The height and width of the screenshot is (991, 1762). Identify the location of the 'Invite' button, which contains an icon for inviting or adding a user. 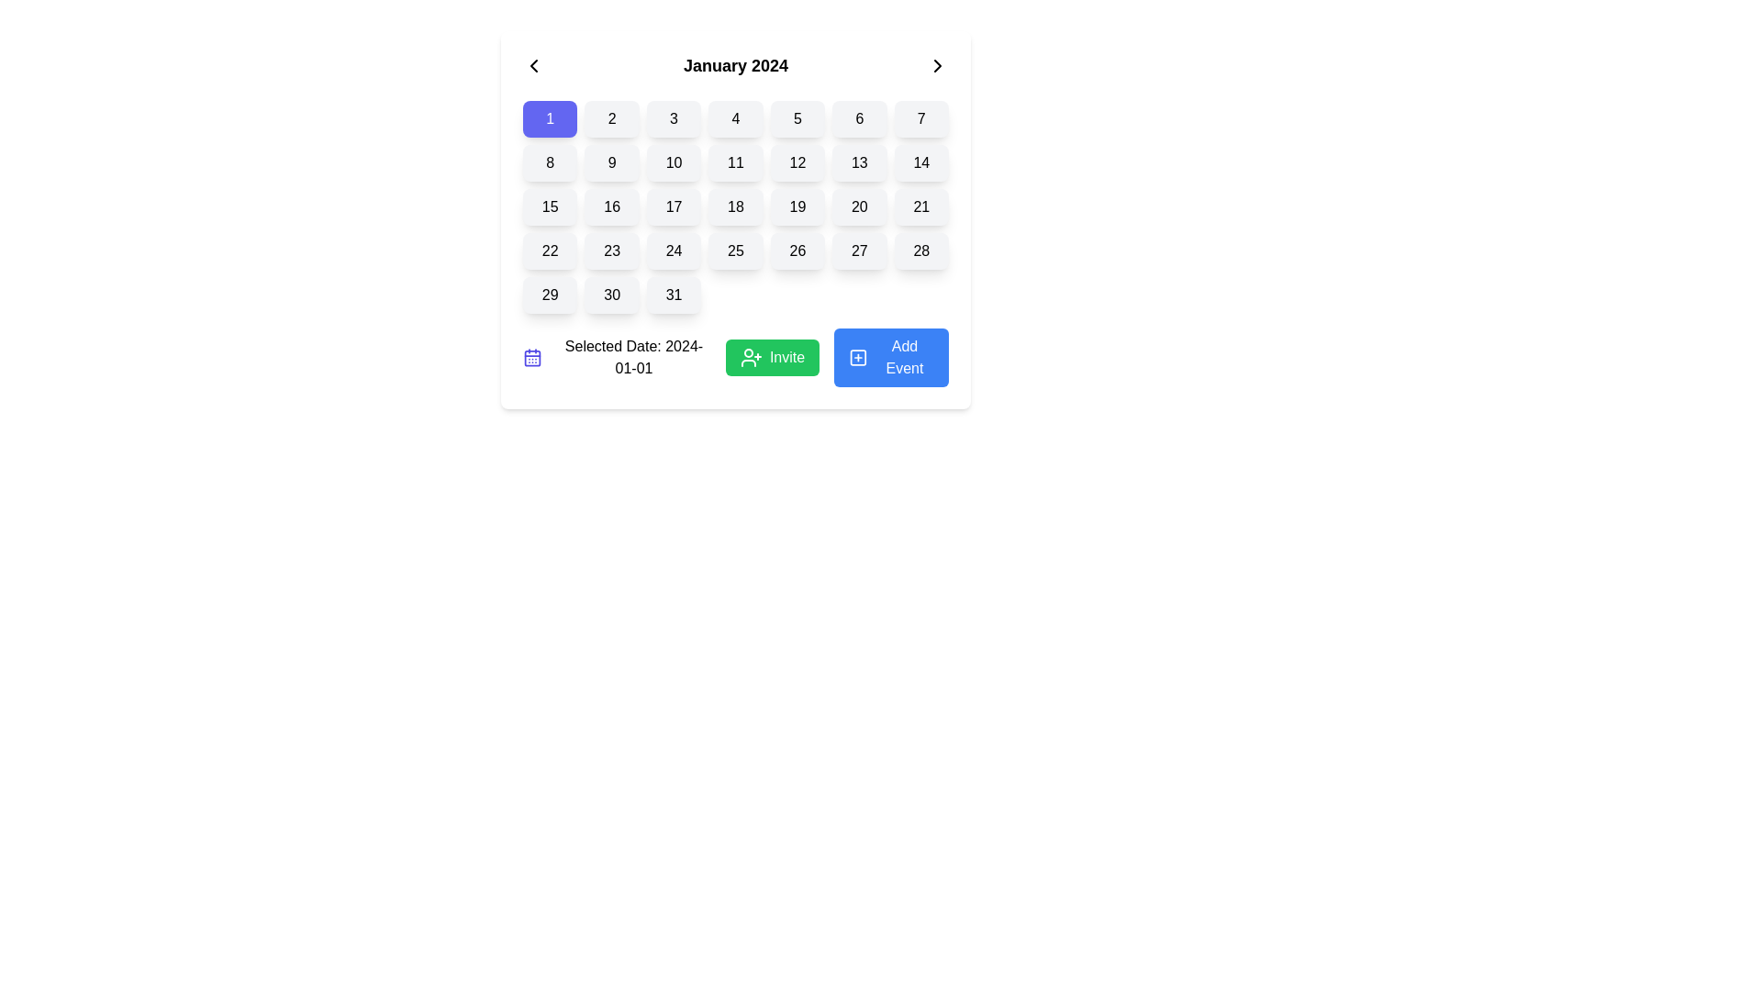
(751, 357).